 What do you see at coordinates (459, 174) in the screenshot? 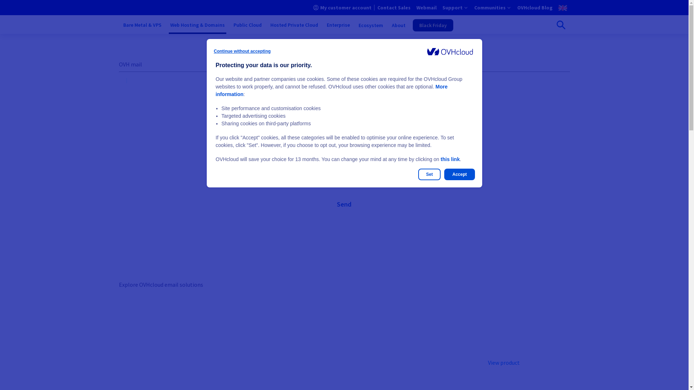
I see `'Accept'` at bounding box center [459, 174].